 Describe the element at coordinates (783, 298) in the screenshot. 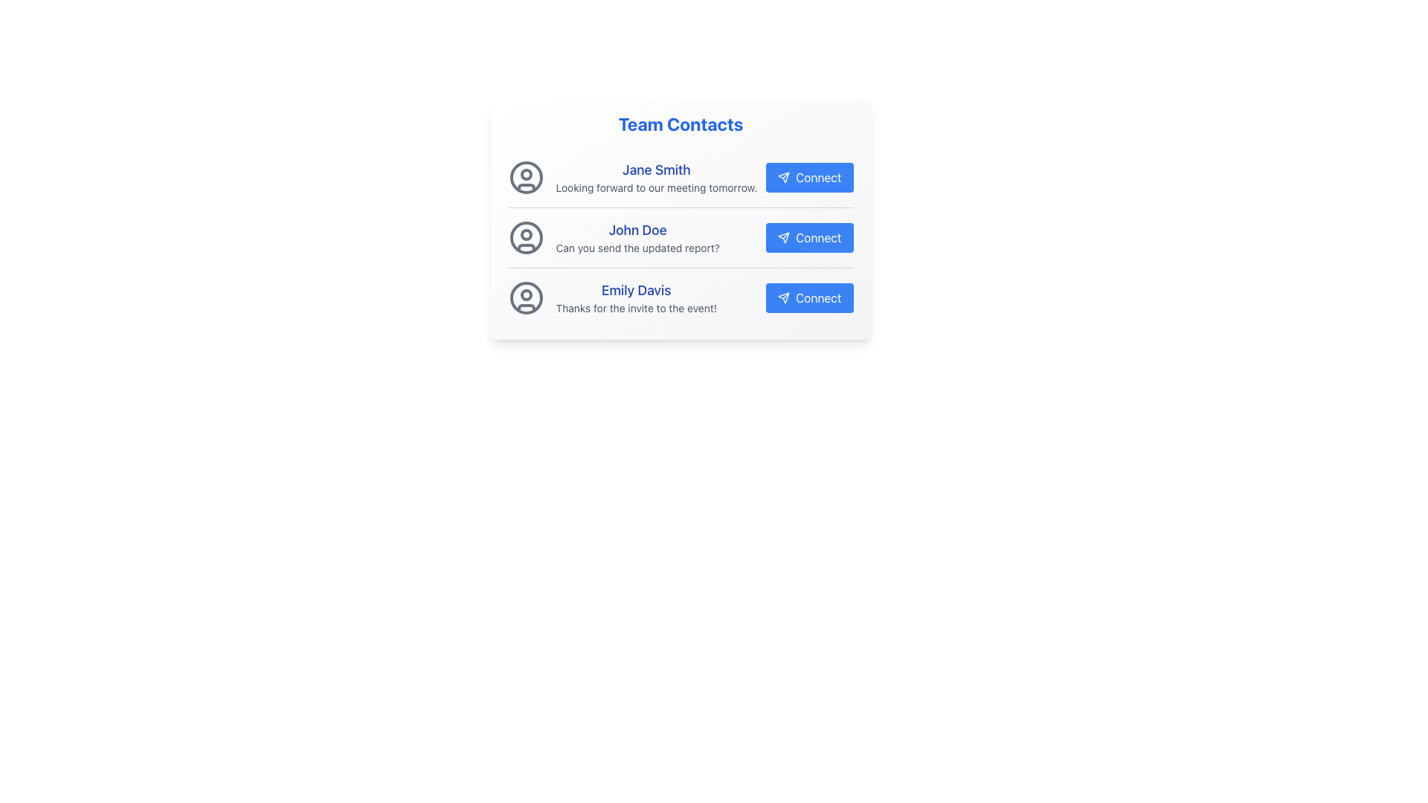

I see `the leading icon within the 'Connect' button located in the third row at the bottom right corner of the card` at that location.